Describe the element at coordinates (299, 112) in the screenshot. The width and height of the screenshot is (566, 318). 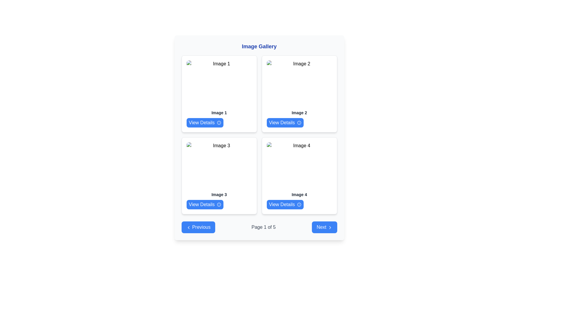
I see `the descriptive text label located in the upper-right card of the four-card grid layout, which is positioned below the image and above the 'View Details' button` at that location.